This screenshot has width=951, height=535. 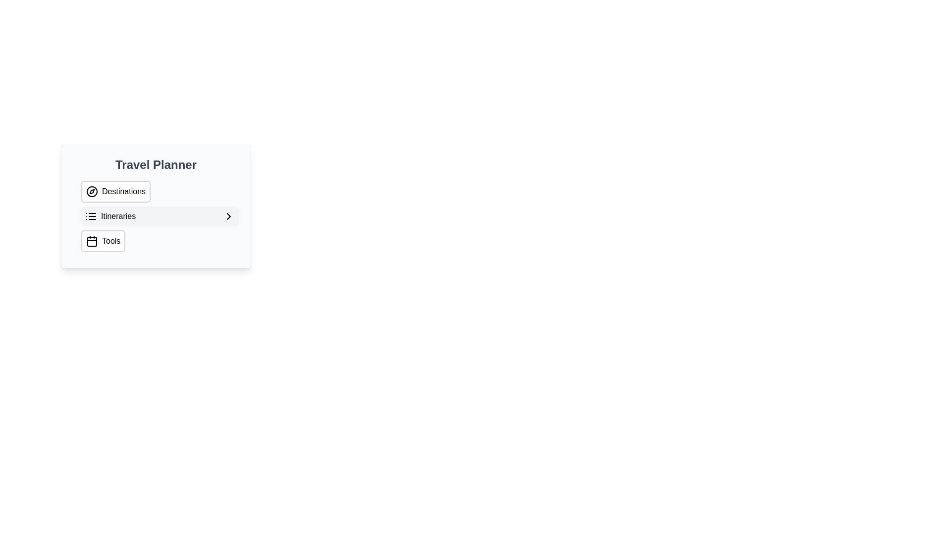 I want to click on the 'Destinations' text label, which is part of the navigation menu titled 'Travel Planner' and located to the right of the compass icon, so click(x=123, y=191).